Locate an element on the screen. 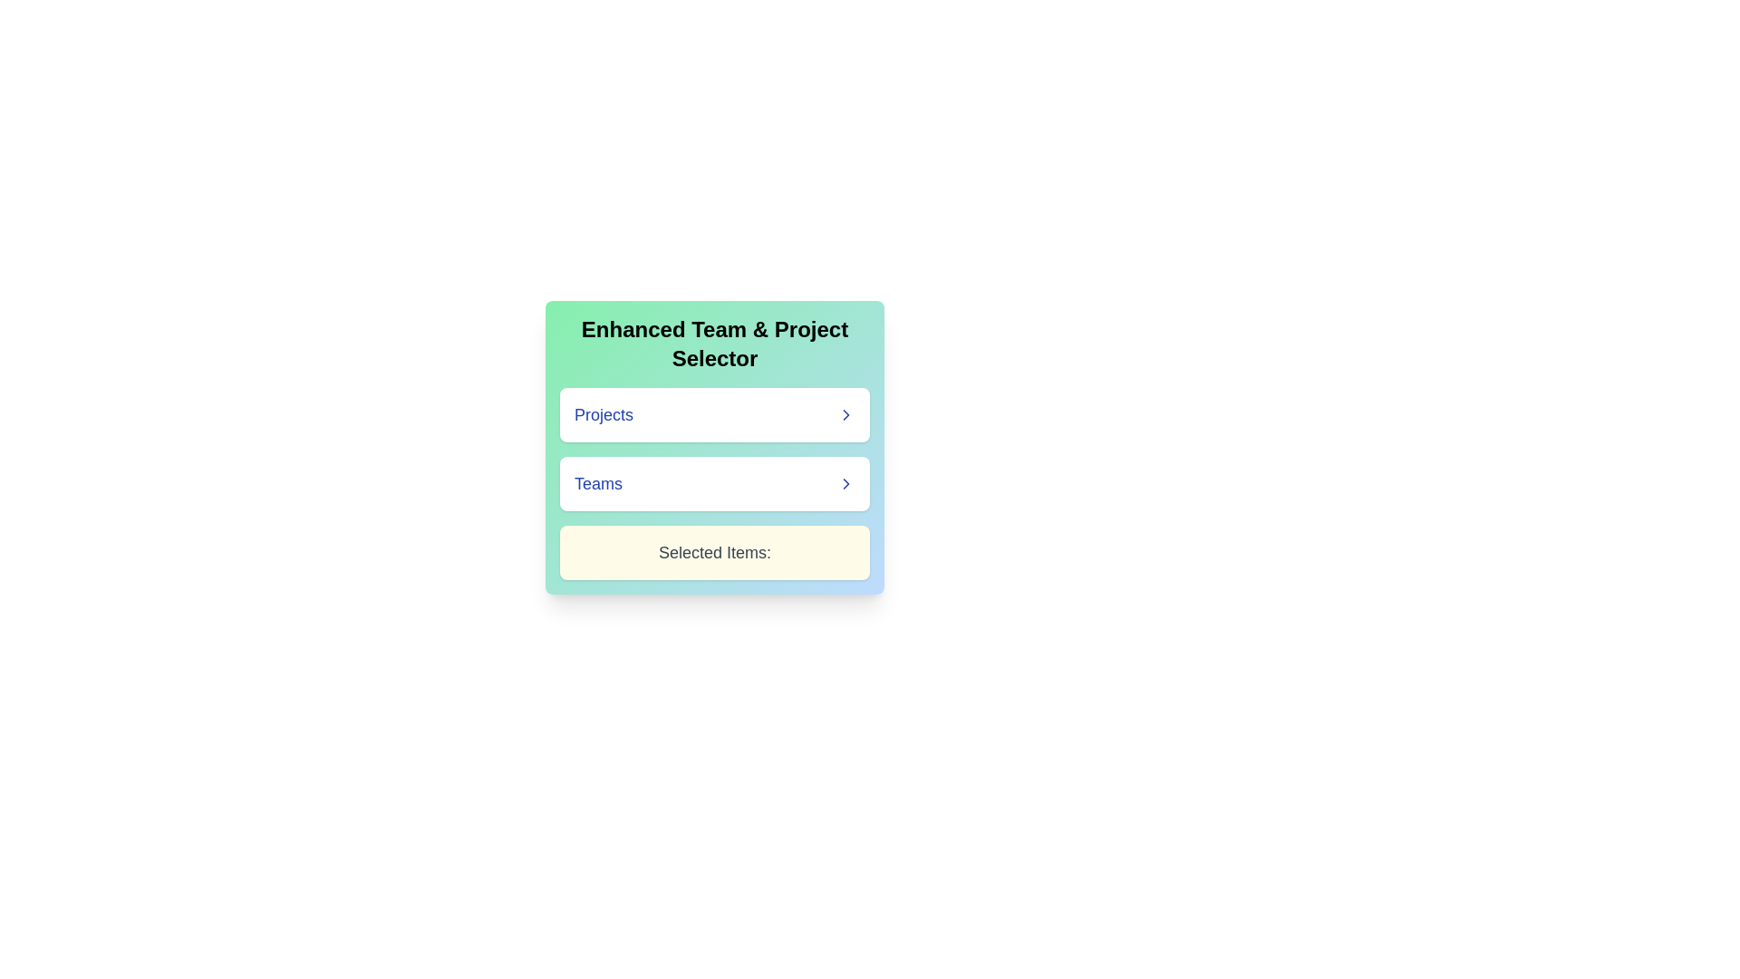 Image resolution: width=1740 pixels, height=979 pixels. the static text label reading 'Selected Items:' which is styled in medium gray on a light yellowish background, located beneath the dropdown buttons labeled Projects and Teams is located at coordinates (713, 551).